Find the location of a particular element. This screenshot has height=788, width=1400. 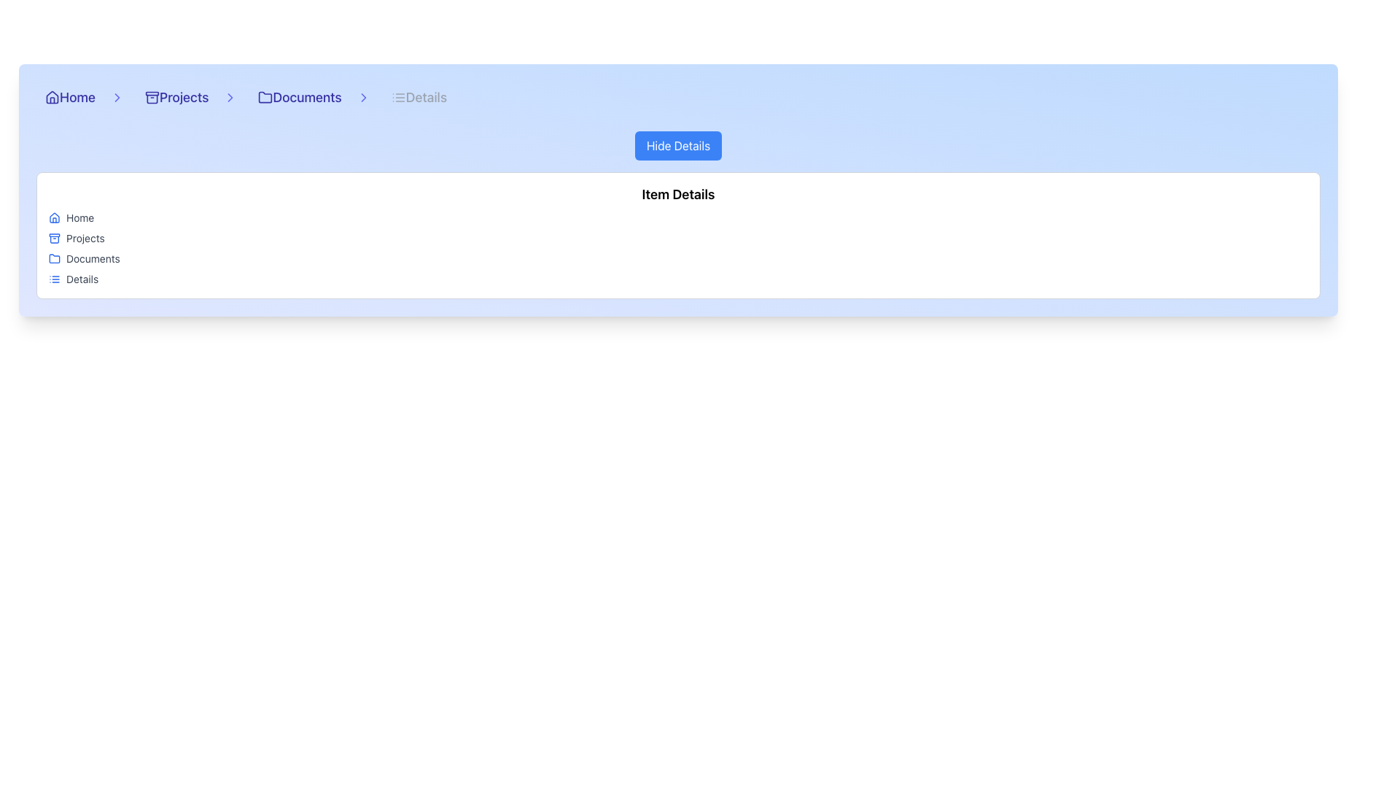

the starting point breadcrumb link in the breadcrumb navigation system located on the leftmost side of the navigation bar is located at coordinates (79, 98).